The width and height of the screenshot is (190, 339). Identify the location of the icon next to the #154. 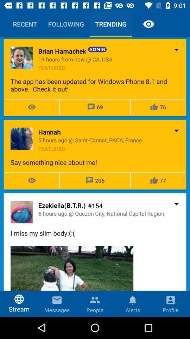
(62, 205).